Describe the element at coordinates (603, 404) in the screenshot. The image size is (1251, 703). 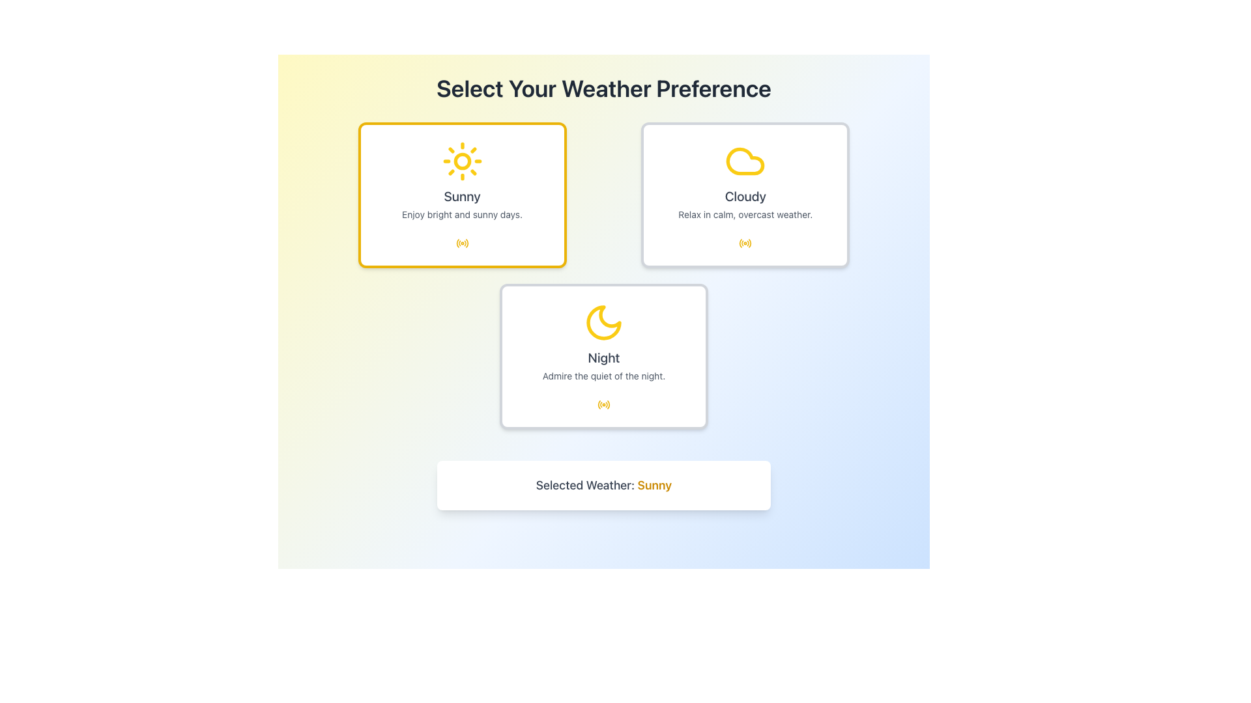
I see `the small circular yellow radio icon located at the bottom center of the 'Night' card, which is positioned directly after the text 'Admire the quiet of the night'` at that location.